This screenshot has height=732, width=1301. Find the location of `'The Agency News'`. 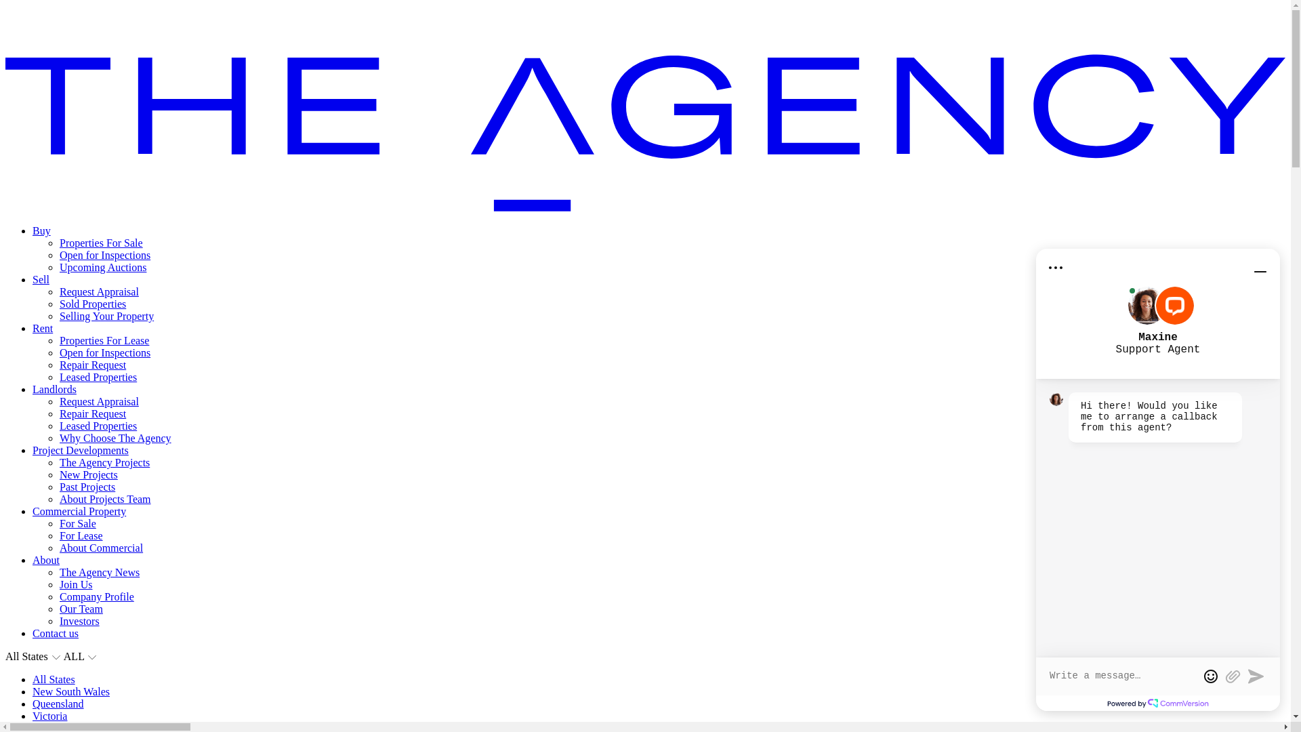

'The Agency News' is located at coordinates (99, 572).